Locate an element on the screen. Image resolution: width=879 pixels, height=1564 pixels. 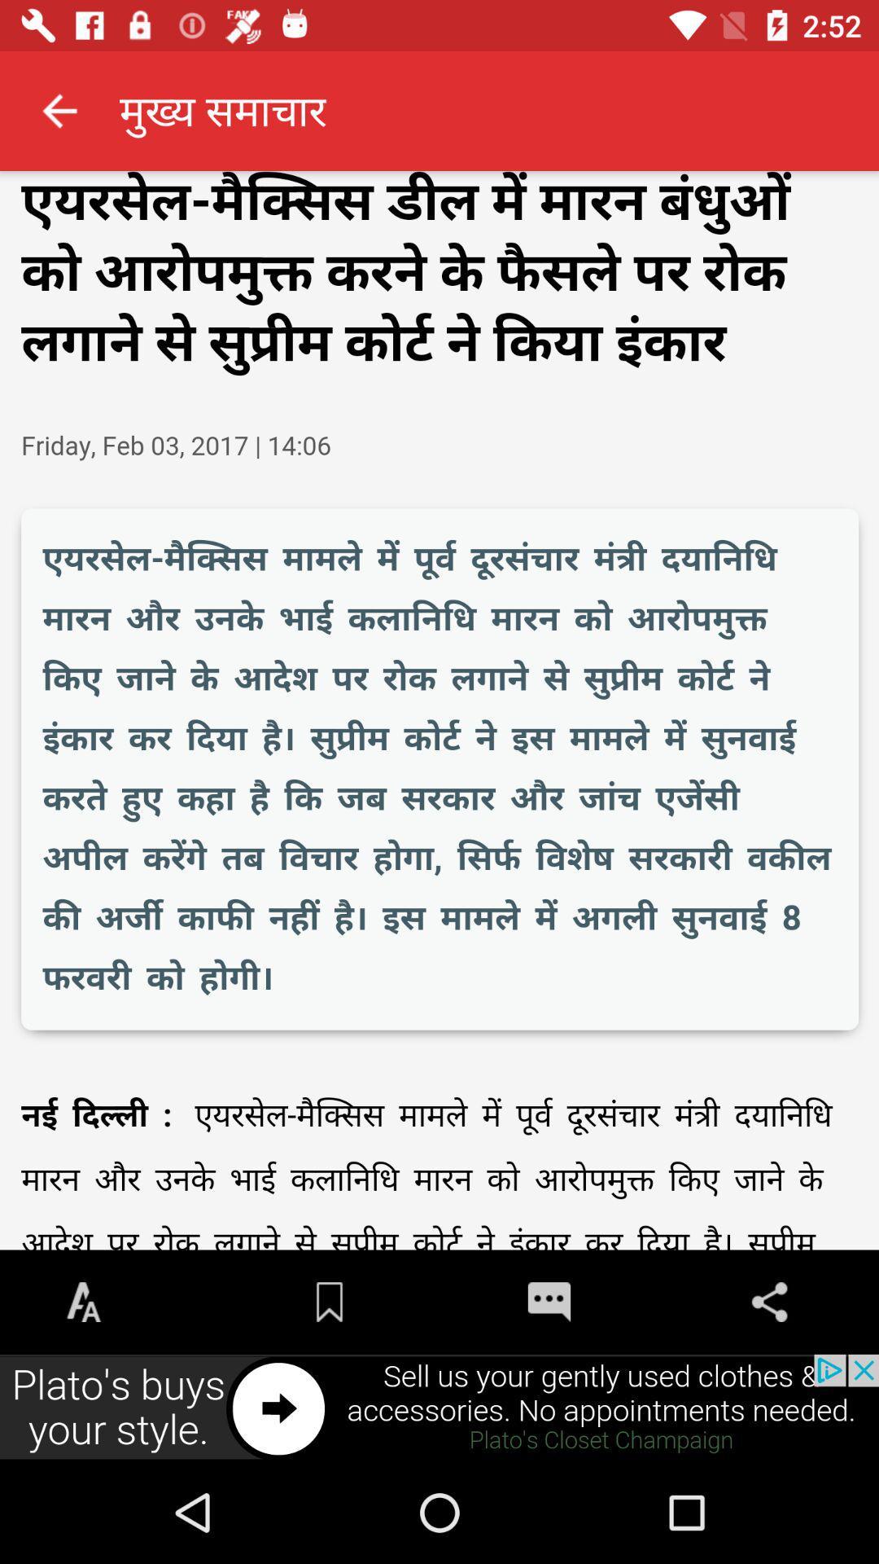
the share icon is located at coordinates (769, 1301).